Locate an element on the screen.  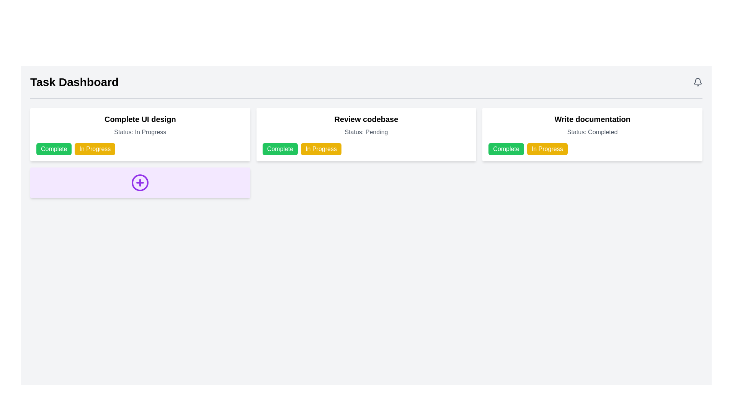
the leftmost button in the 'Review codebase' task card to mark the associated task as completed is located at coordinates (279, 149).